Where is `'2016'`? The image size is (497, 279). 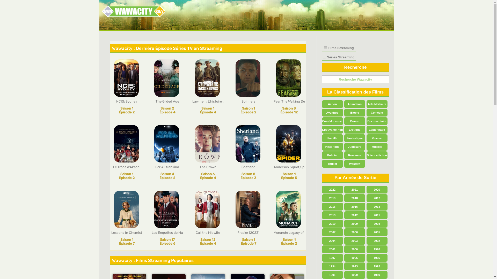 '2016' is located at coordinates (332, 206).